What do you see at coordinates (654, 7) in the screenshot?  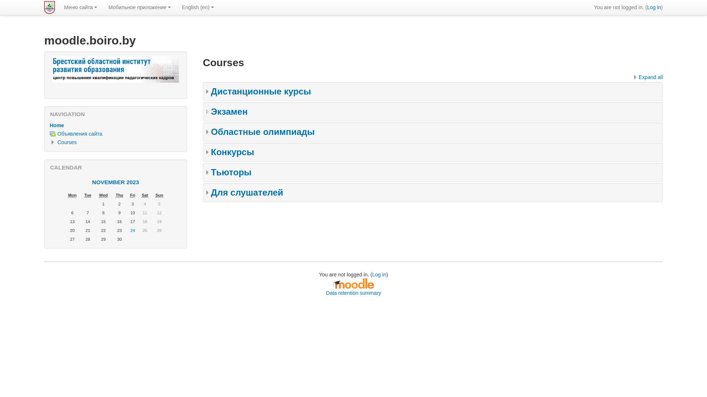 I see `'Log in'` at bounding box center [654, 7].